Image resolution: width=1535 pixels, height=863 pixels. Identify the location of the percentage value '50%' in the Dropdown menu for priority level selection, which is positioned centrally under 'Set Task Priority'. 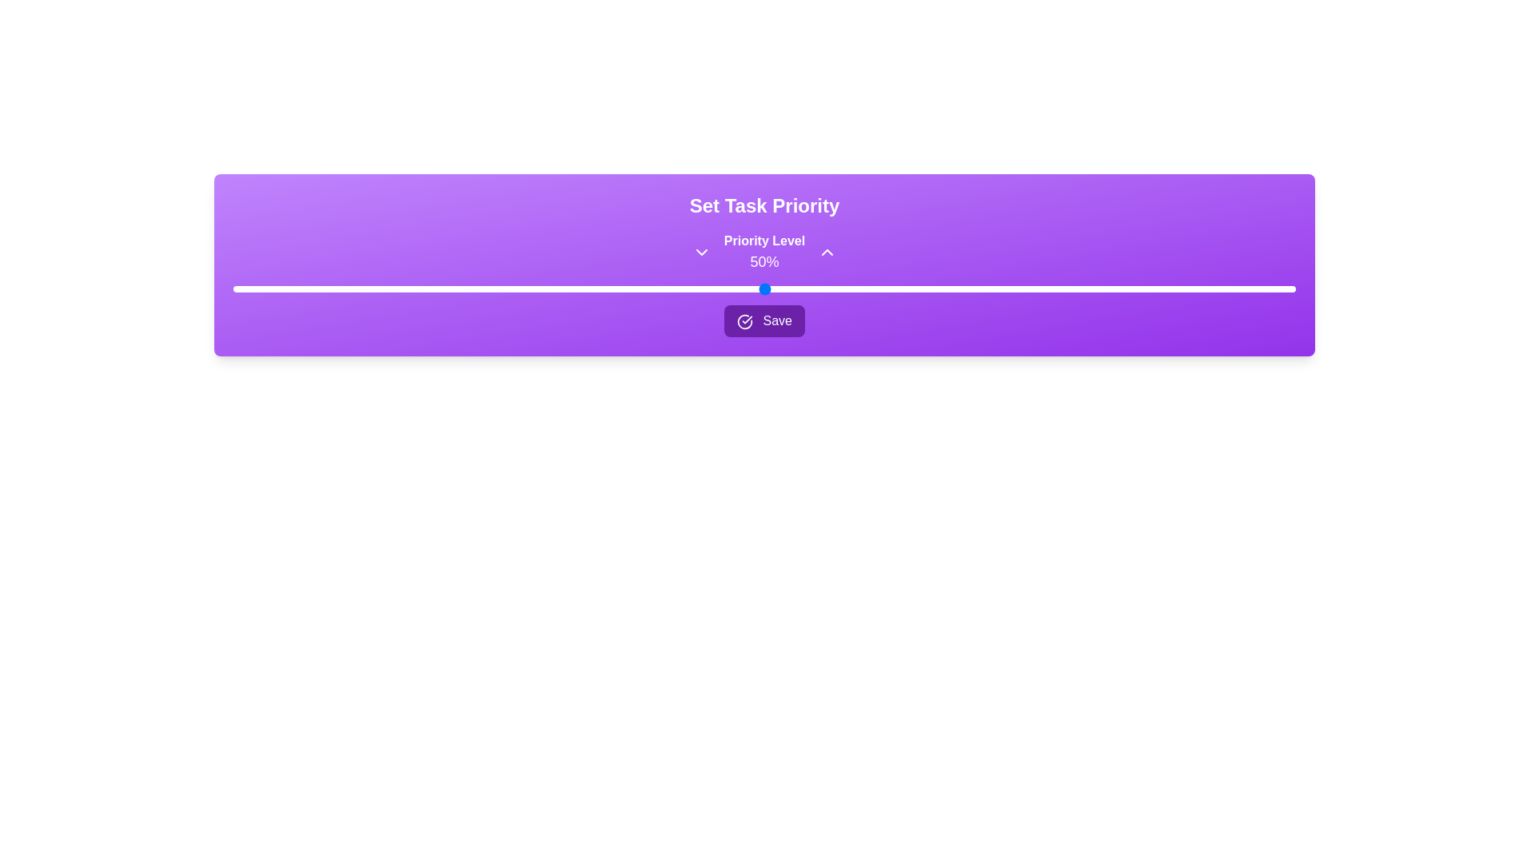
(764, 252).